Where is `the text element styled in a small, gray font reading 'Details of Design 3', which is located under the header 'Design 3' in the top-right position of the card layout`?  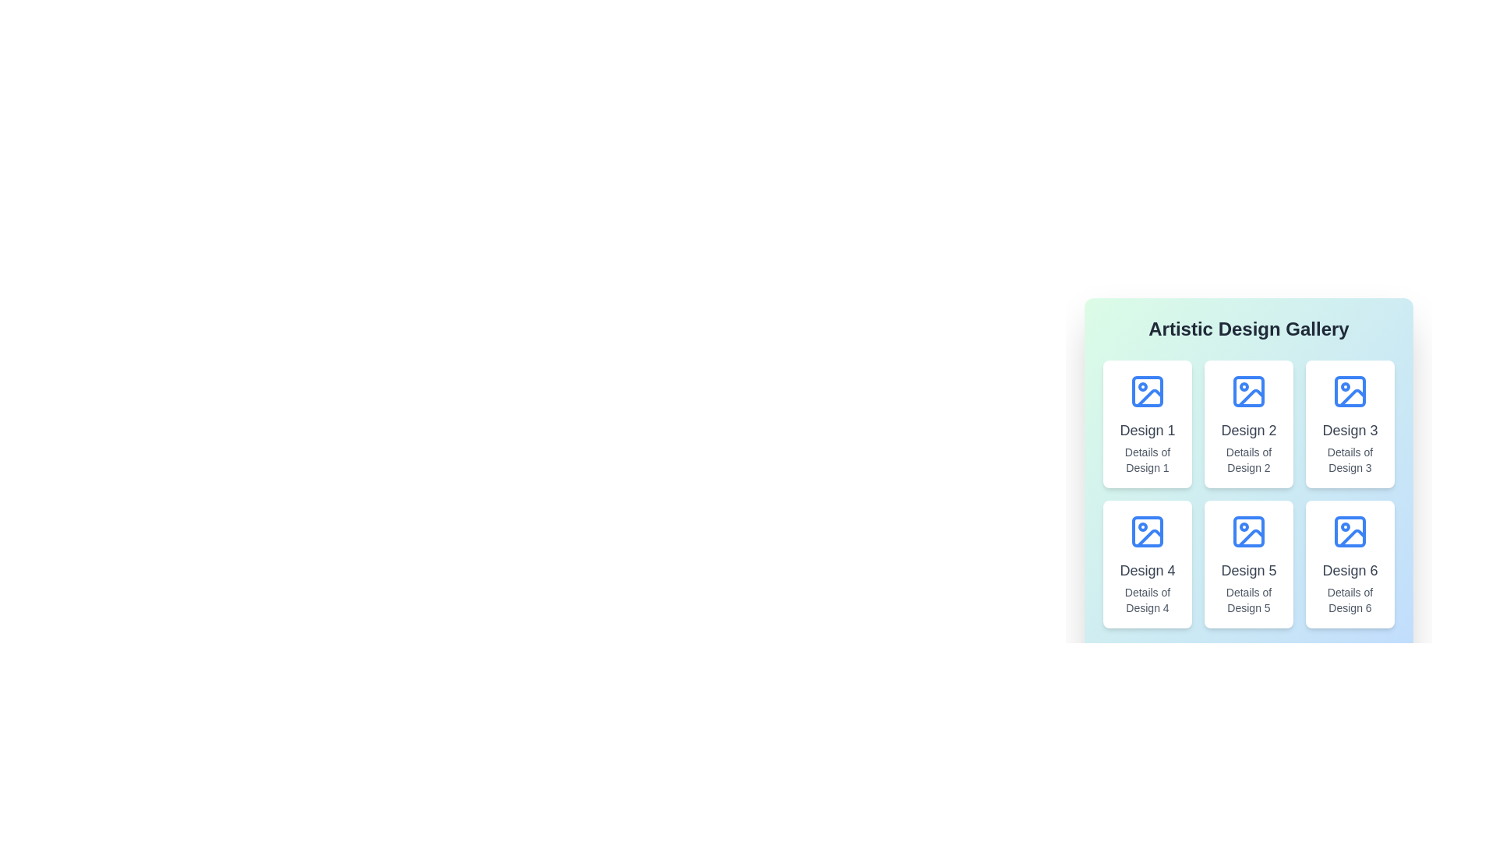
the text element styled in a small, gray font reading 'Details of Design 3', which is located under the header 'Design 3' in the top-right position of the card layout is located at coordinates (1349, 459).